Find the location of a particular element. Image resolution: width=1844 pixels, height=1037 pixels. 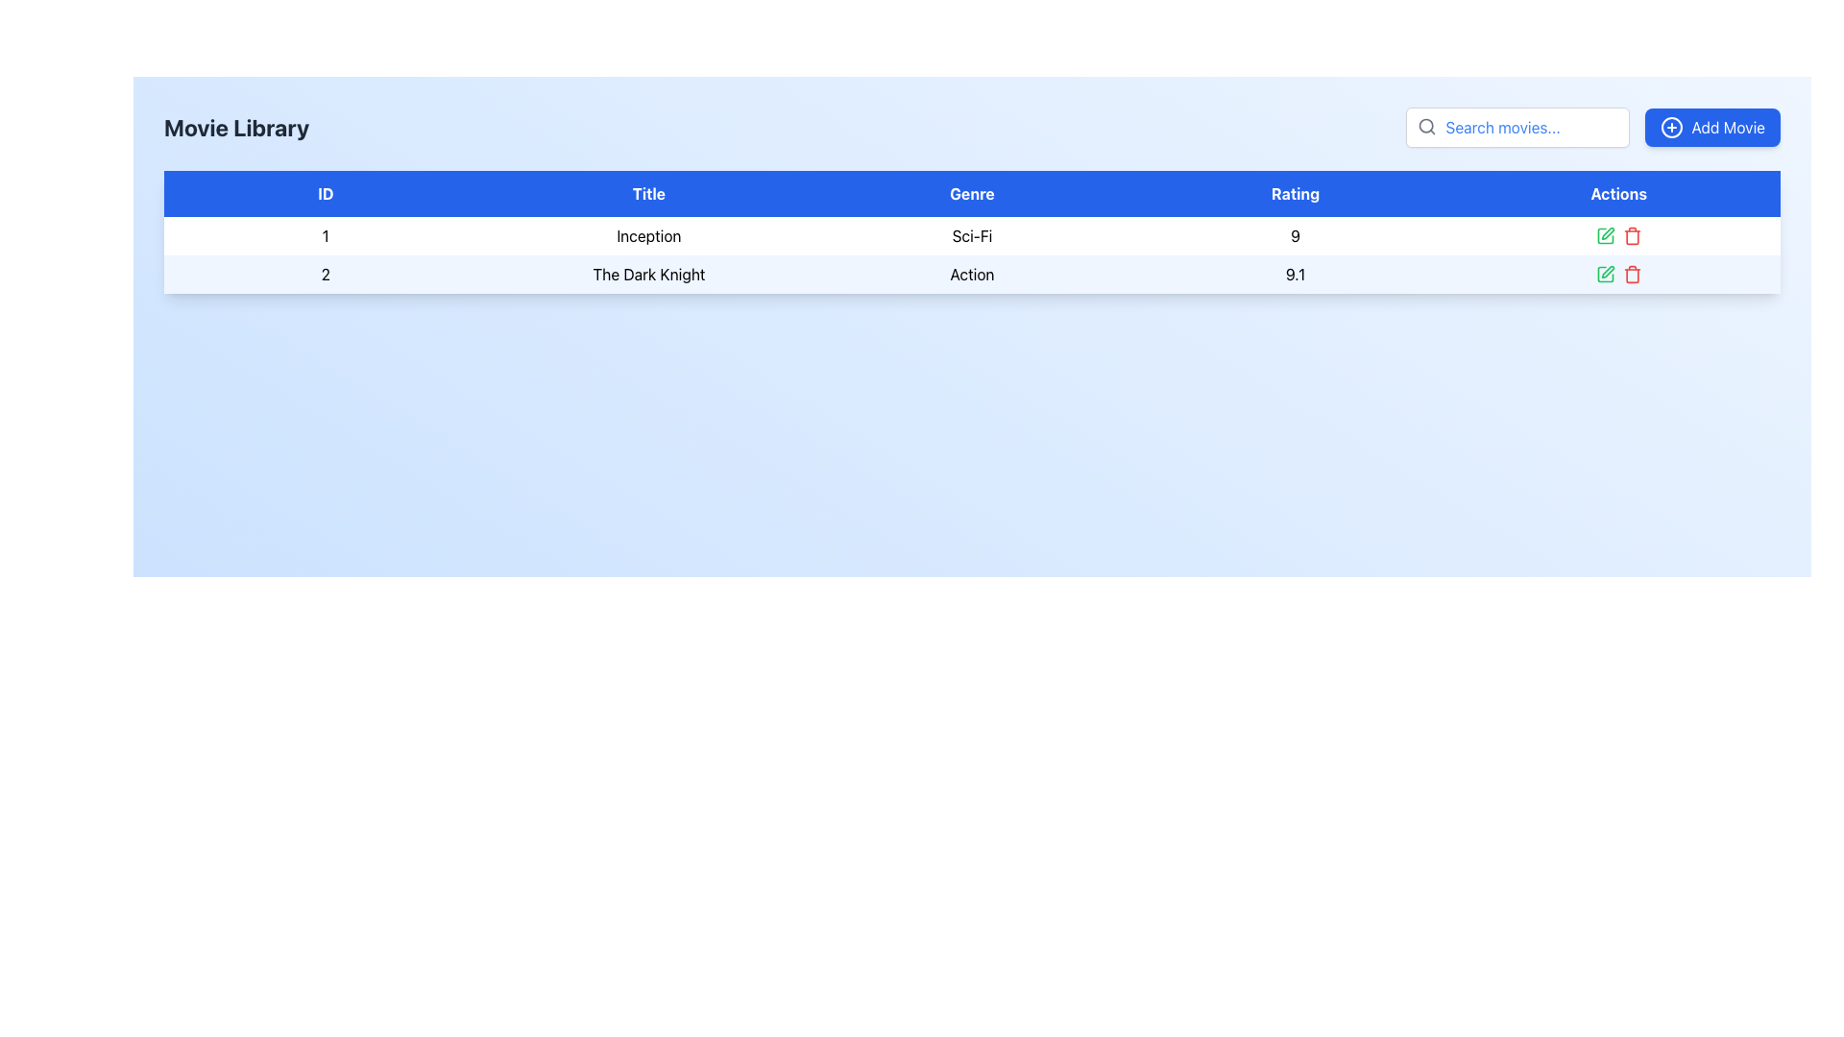

the edit button icon located in the 'Actions' column of the second table row to initiate editing is located at coordinates (1608, 232).